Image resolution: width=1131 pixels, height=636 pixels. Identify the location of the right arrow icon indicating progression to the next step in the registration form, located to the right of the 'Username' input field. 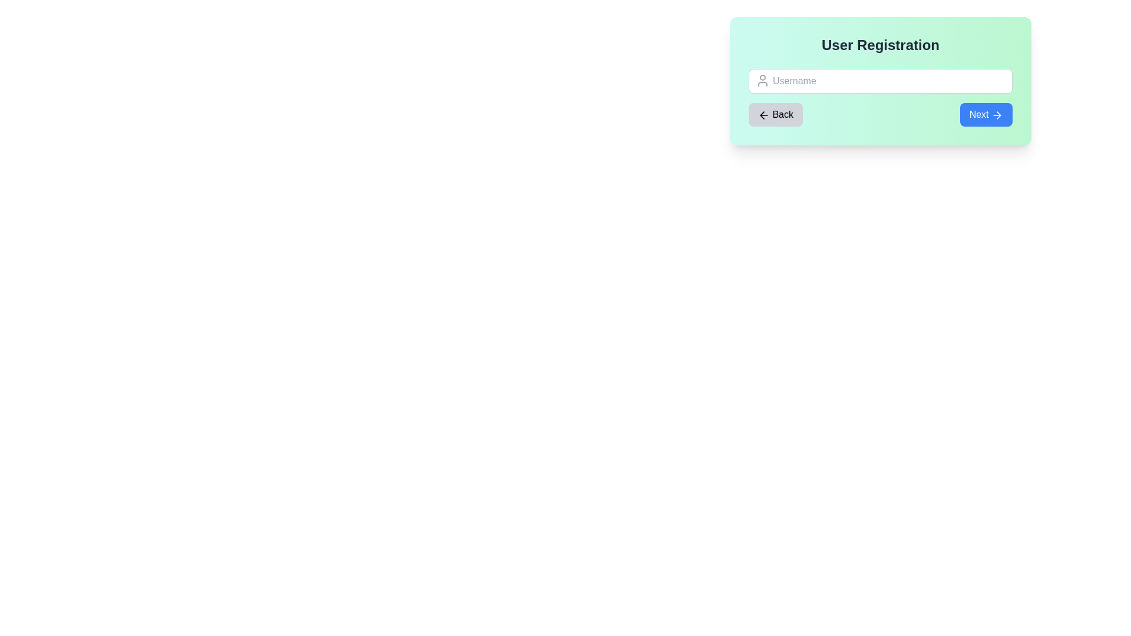
(998, 115).